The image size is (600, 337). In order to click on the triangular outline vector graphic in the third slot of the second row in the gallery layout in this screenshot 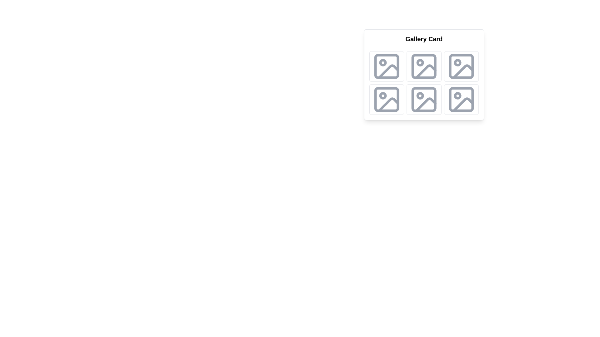, I will do `click(388, 104)`.